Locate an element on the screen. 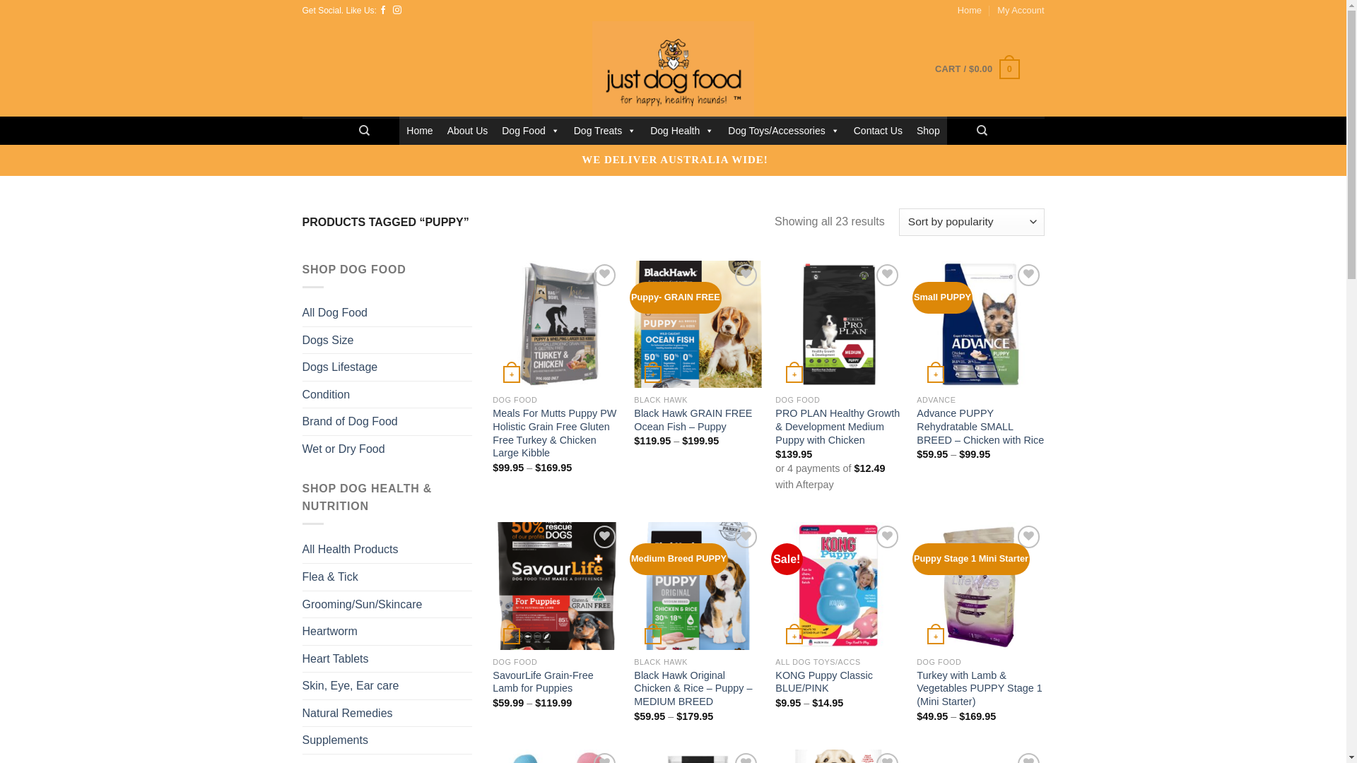 This screenshot has width=1357, height=763. 'Follow on Instagram' is located at coordinates (396, 11).